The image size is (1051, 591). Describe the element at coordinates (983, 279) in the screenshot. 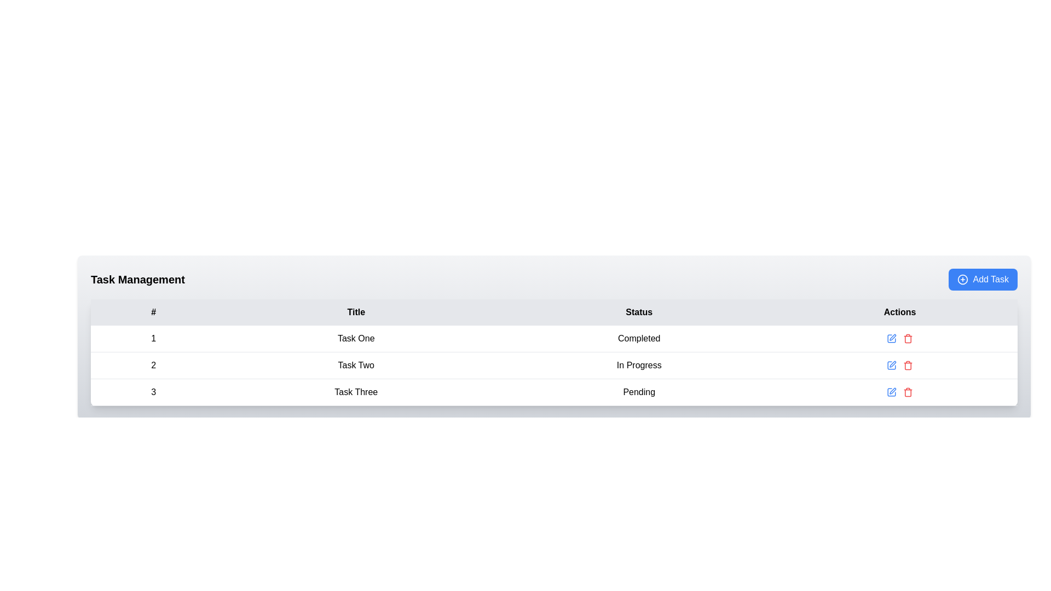

I see `the blue 'Add Task' button located in the top-right corner of the interface, which features a white plus icon and white text` at that location.